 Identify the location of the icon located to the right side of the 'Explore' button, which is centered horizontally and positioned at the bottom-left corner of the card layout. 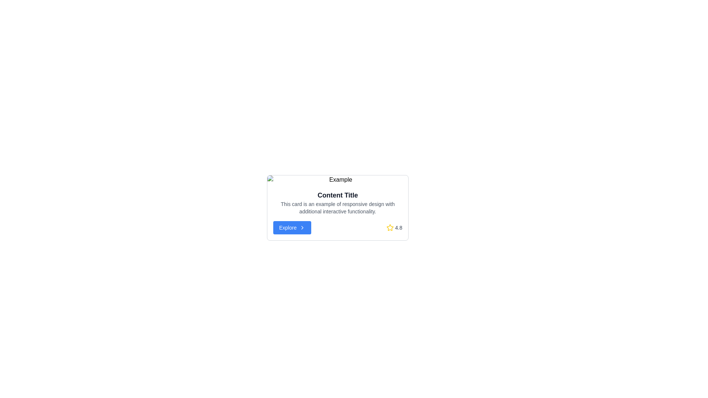
(302, 227).